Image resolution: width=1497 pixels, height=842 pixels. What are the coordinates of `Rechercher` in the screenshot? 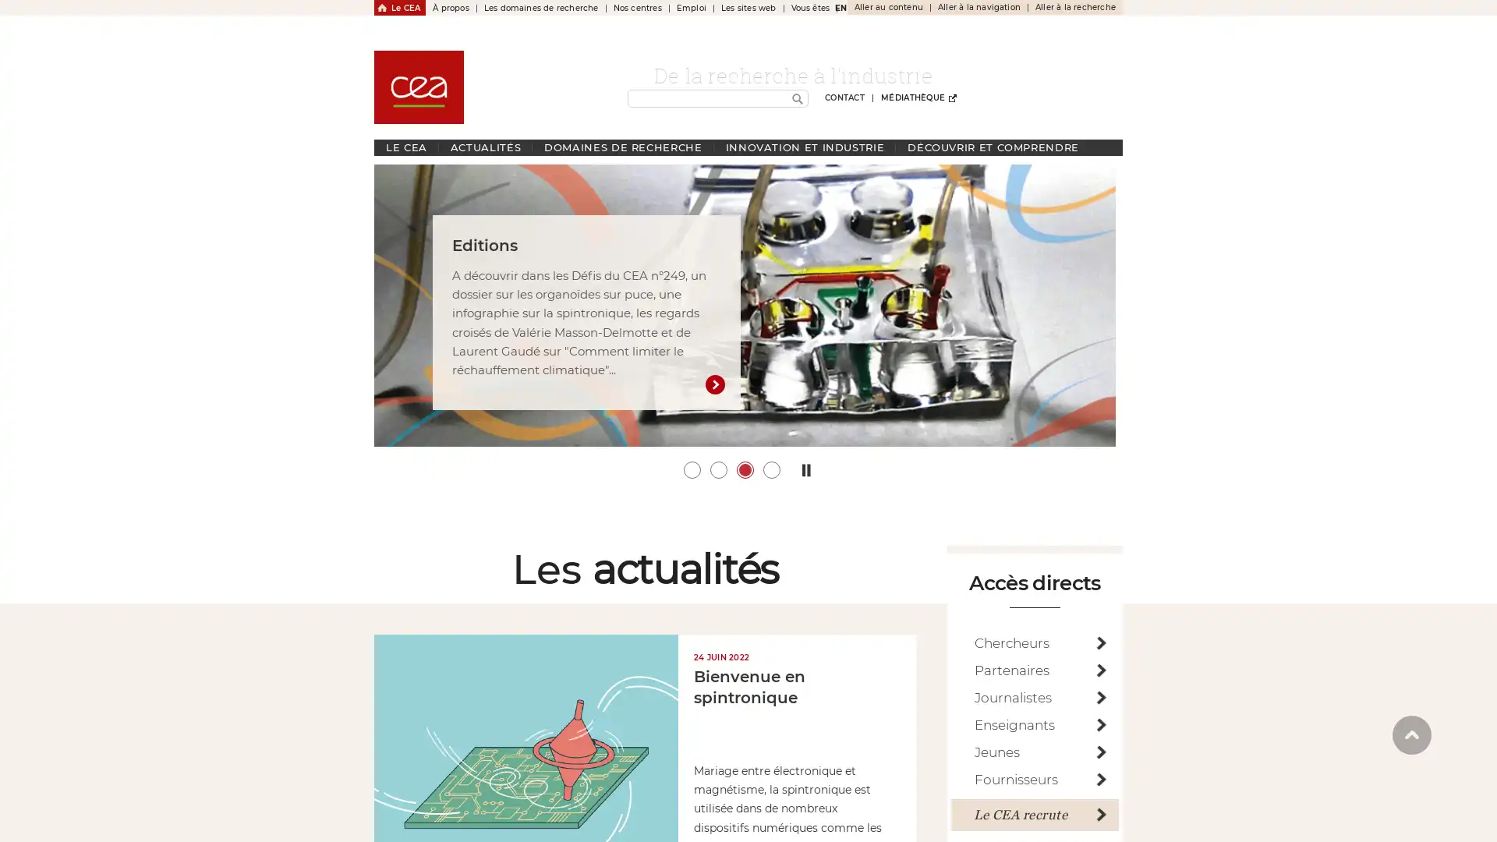 It's located at (797, 99).